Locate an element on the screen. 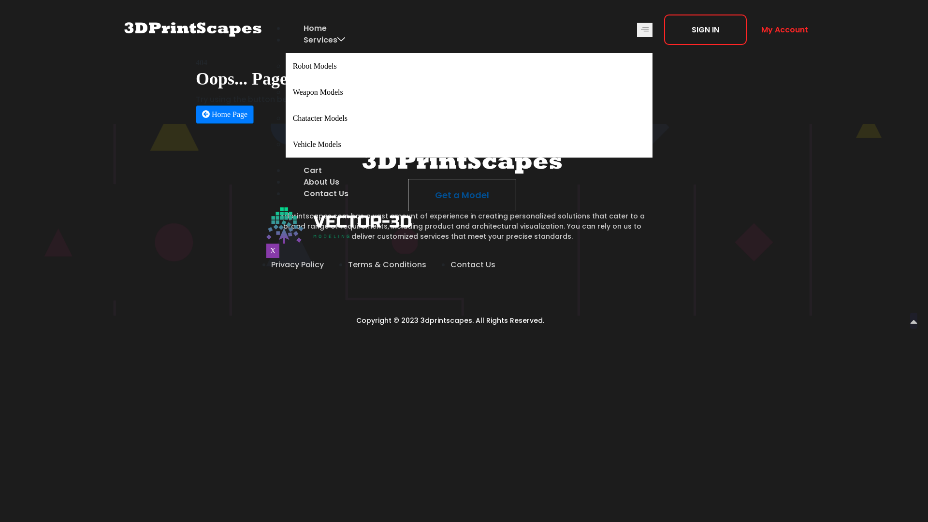 The width and height of the screenshot is (928, 522). 'Contact Us' is located at coordinates (473, 264).